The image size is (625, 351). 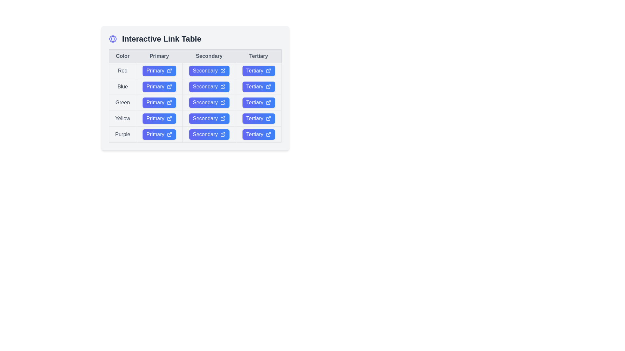 What do you see at coordinates (258, 119) in the screenshot?
I see `the button located` at bounding box center [258, 119].